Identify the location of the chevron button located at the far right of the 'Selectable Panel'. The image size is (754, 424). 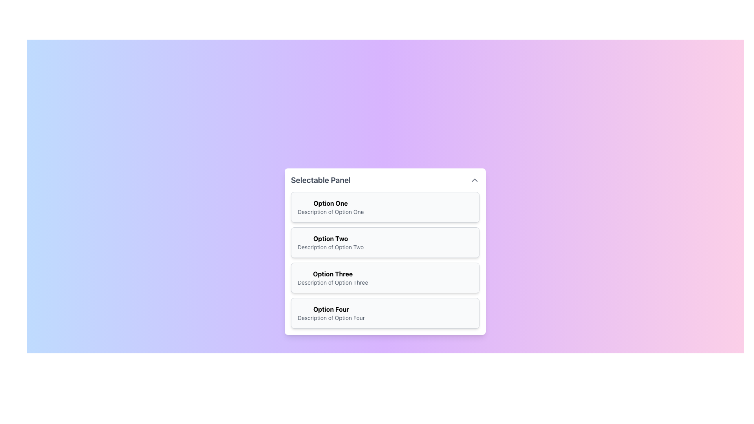
(474, 180).